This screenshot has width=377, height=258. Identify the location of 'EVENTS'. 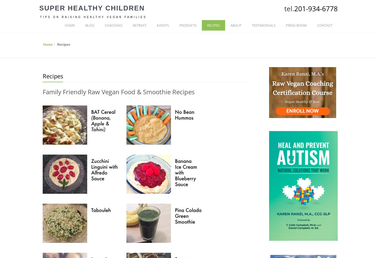
(157, 25).